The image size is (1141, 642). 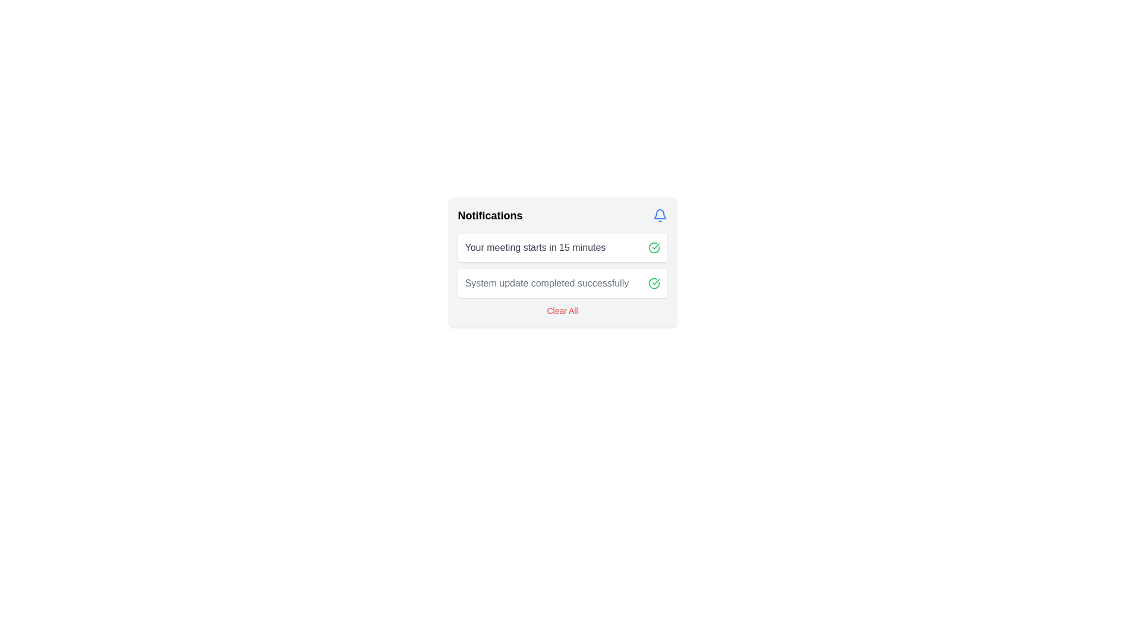 I want to click on the static text element displaying an alert message about an upcoming meeting in 15 minutes, which is positioned within a notification card and aligned slightly to the left of a green icon, so click(x=534, y=247).